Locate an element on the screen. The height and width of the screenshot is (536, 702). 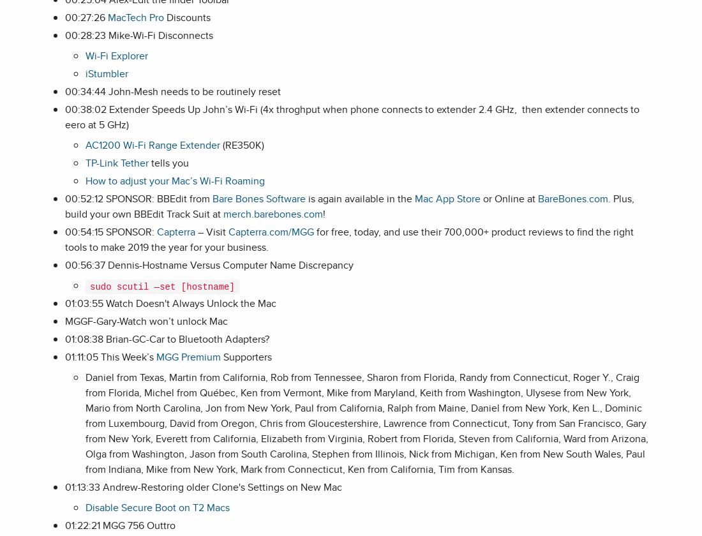
'01:22:21 MGG 756 Outtro' is located at coordinates (119, 525).